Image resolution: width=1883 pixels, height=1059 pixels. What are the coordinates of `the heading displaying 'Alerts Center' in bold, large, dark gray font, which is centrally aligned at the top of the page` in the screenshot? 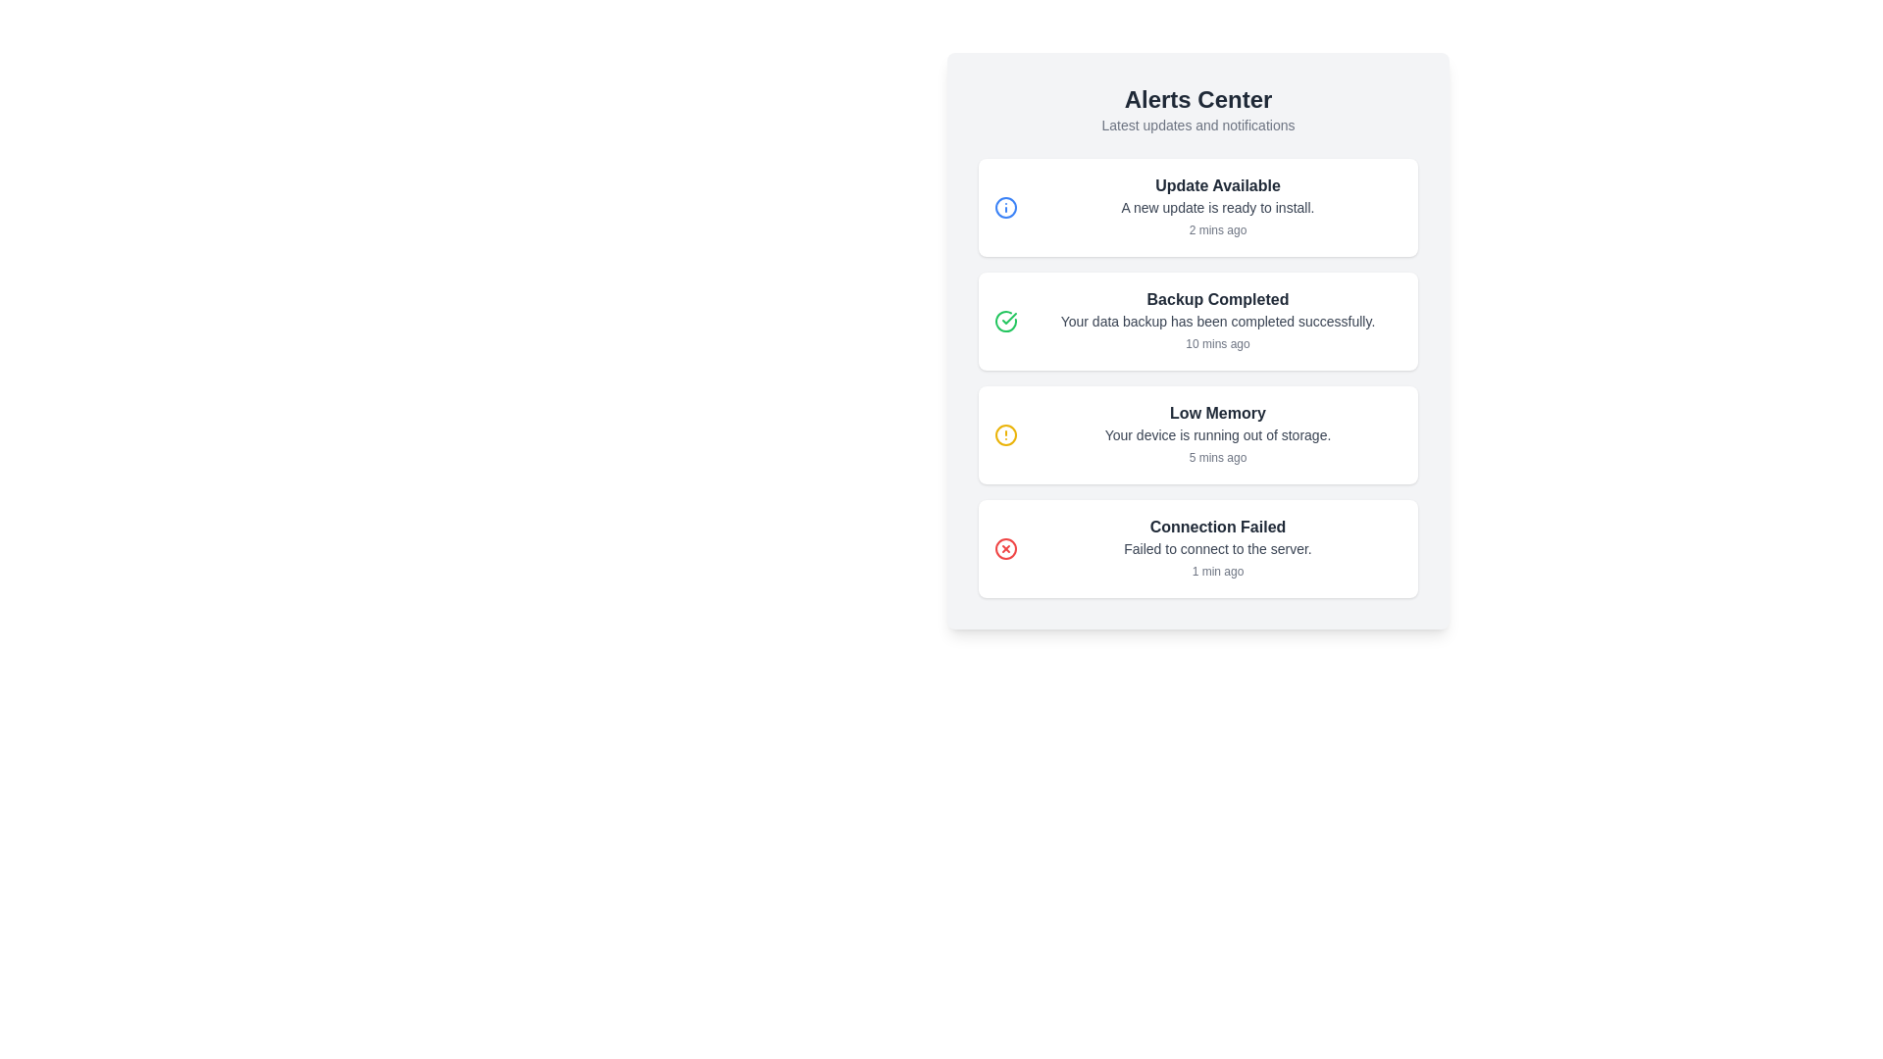 It's located at (1197, 99).